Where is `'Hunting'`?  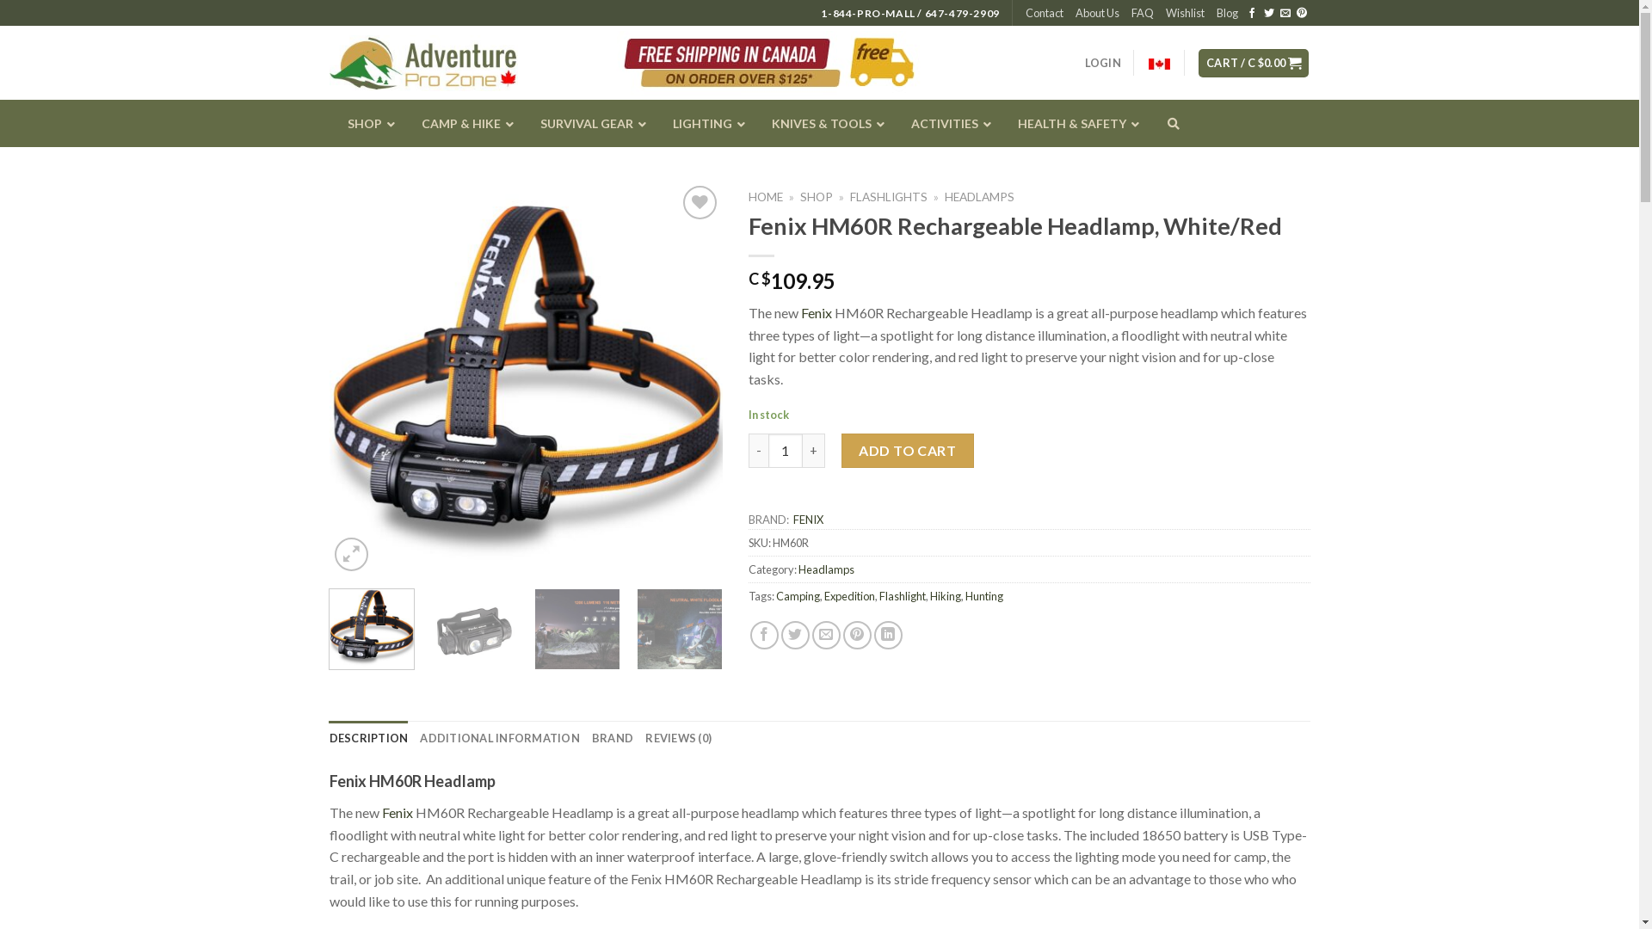
'Hunting' is located at coordinates (983, 595).